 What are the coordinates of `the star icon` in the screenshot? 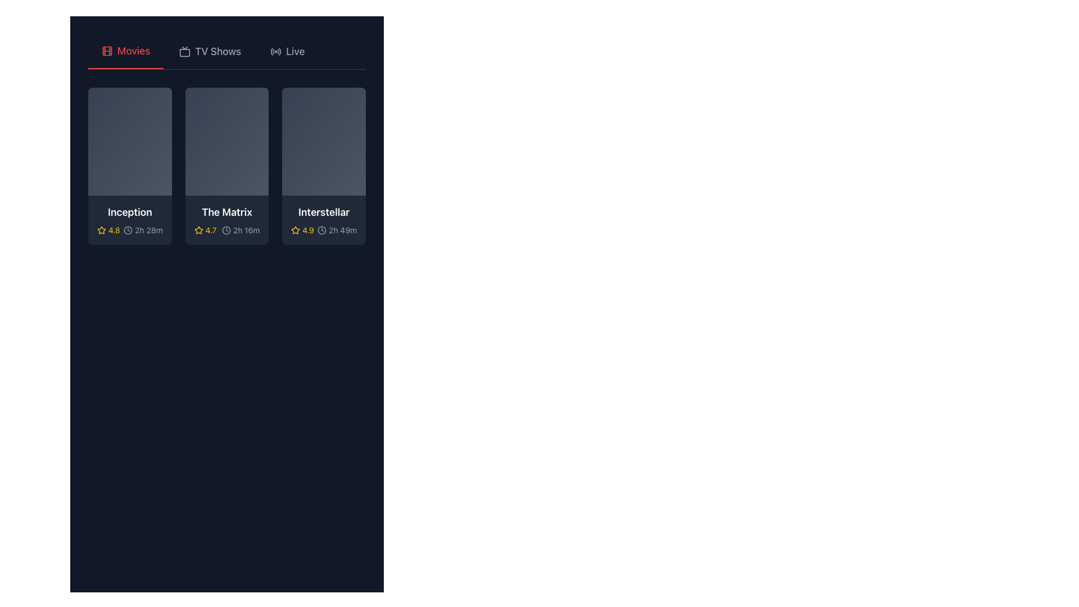 It's located at (198, 229).